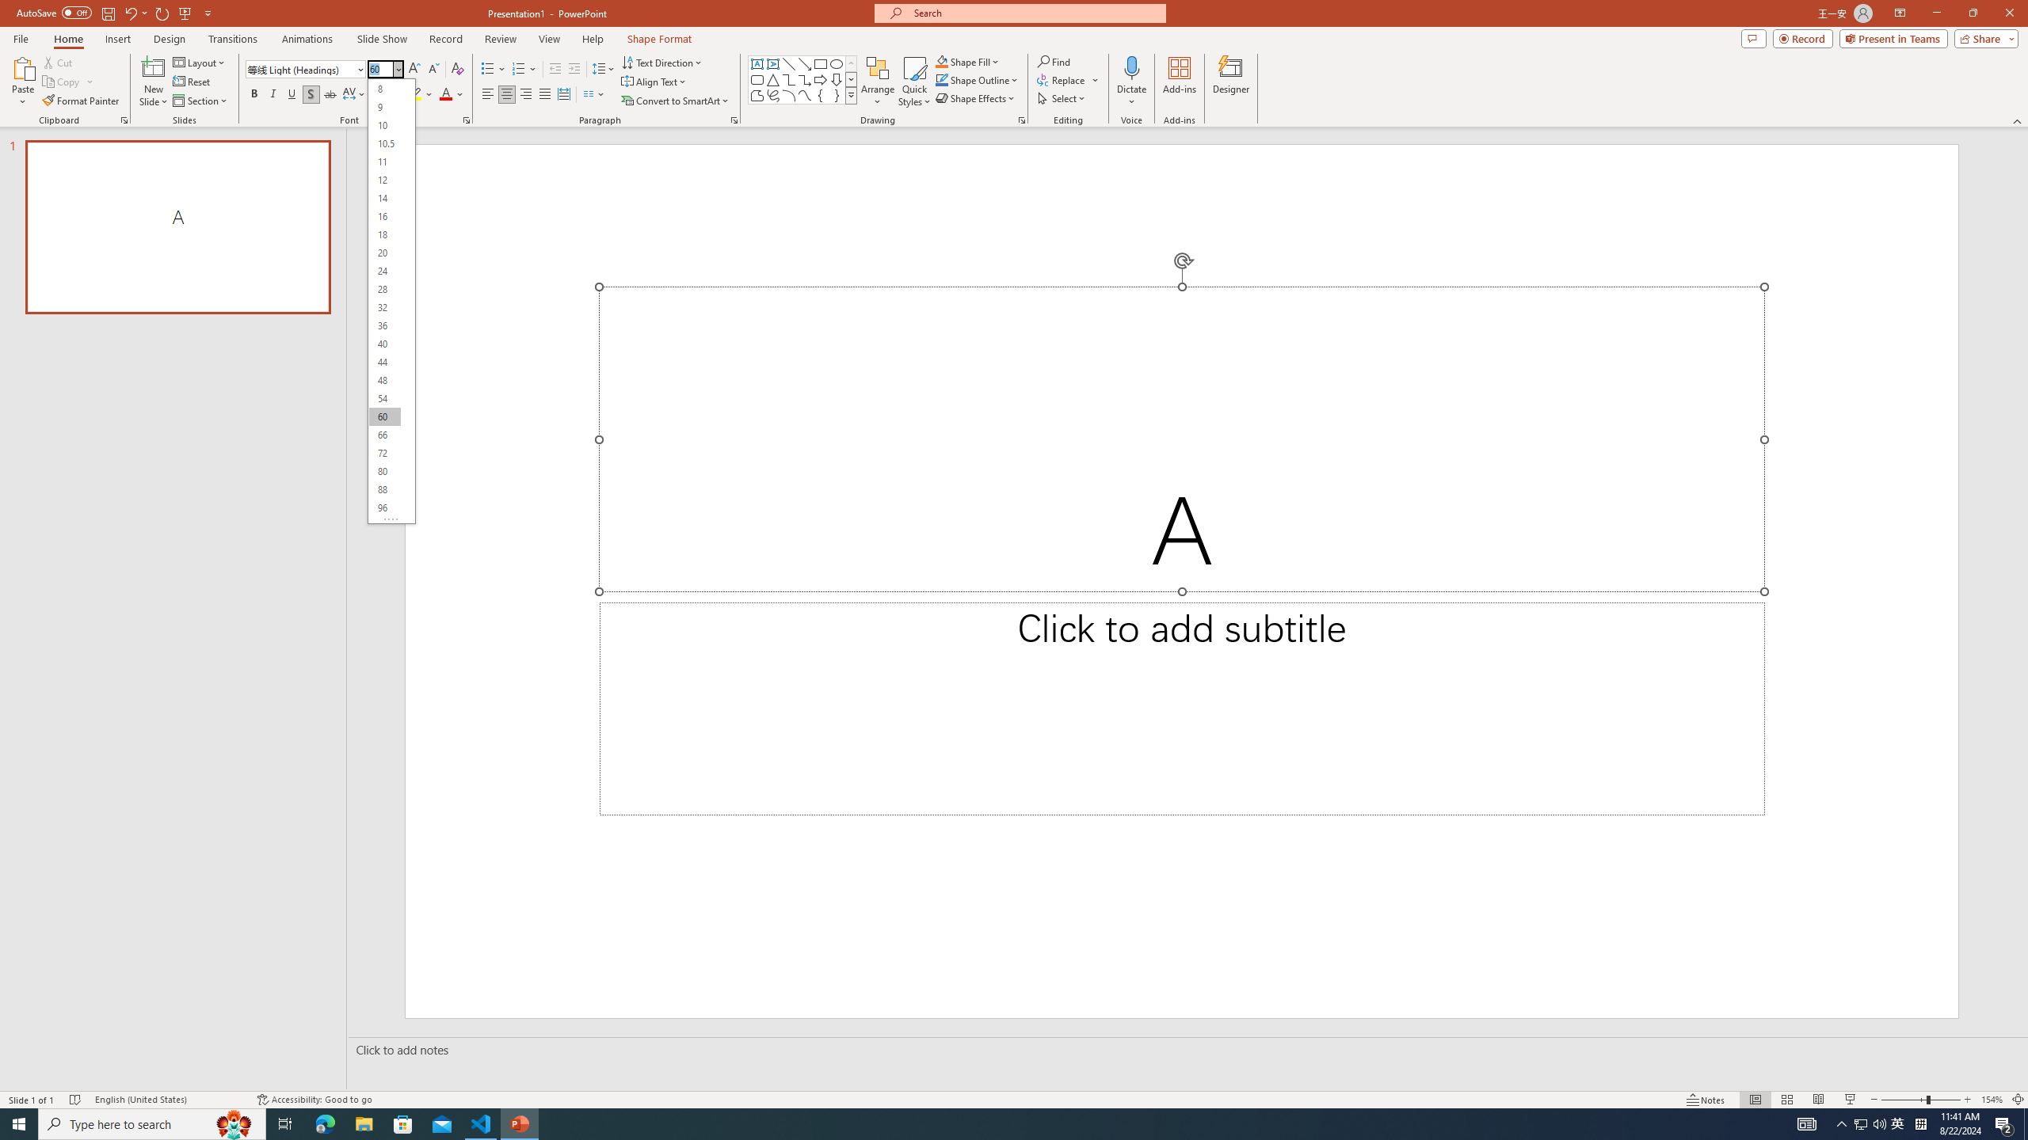 This screenshot has width=2028, height=1140. I want to click on '8', so click(384, 88).